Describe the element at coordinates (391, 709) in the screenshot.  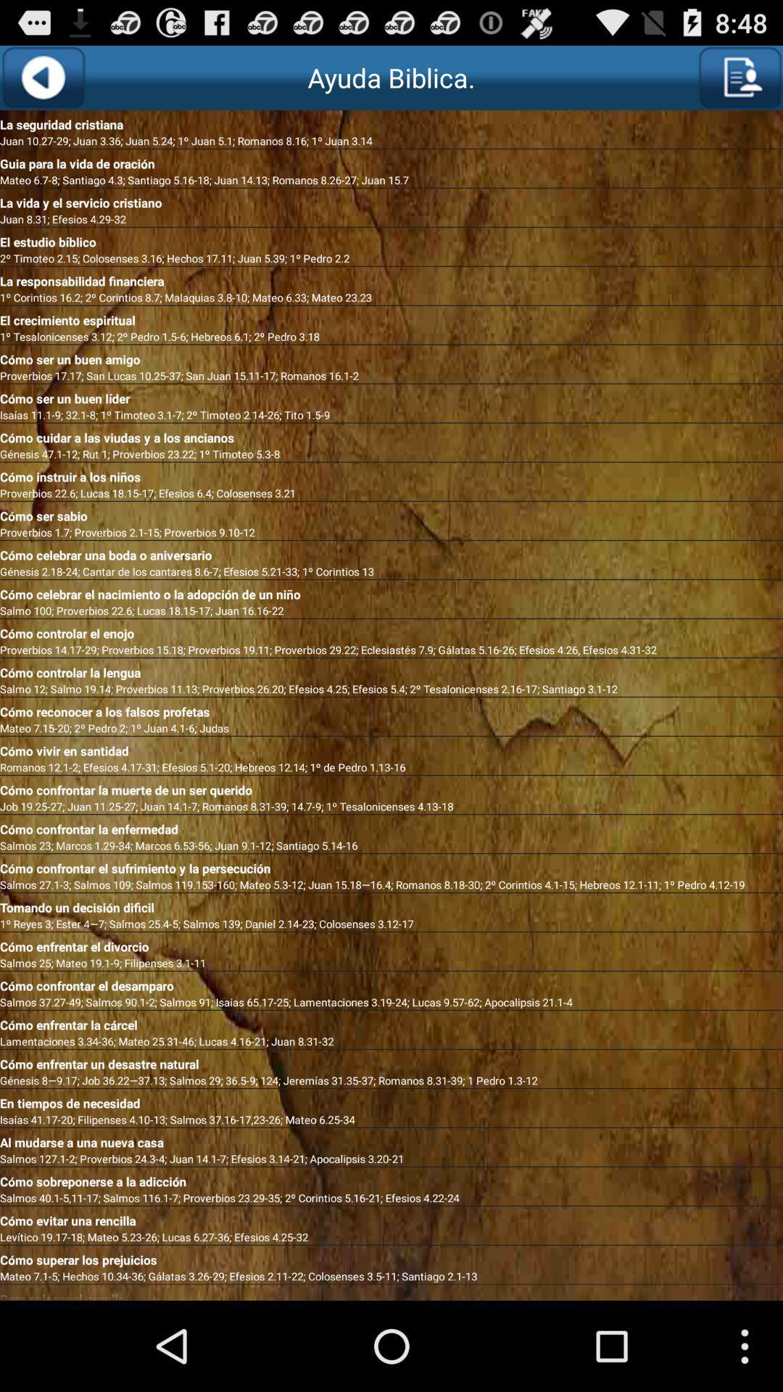
I see `app below the salmo 12 salmo app` at that location.